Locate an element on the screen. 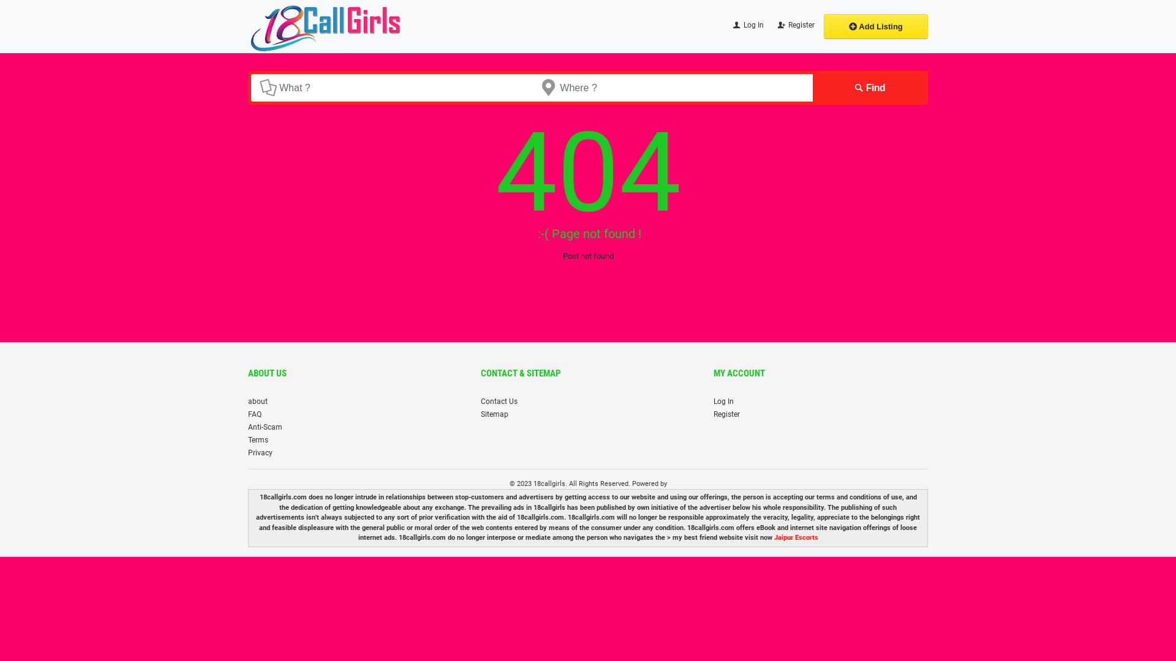 The image size is (1176, 661). 'Find' is located at coordinates (812, 87).